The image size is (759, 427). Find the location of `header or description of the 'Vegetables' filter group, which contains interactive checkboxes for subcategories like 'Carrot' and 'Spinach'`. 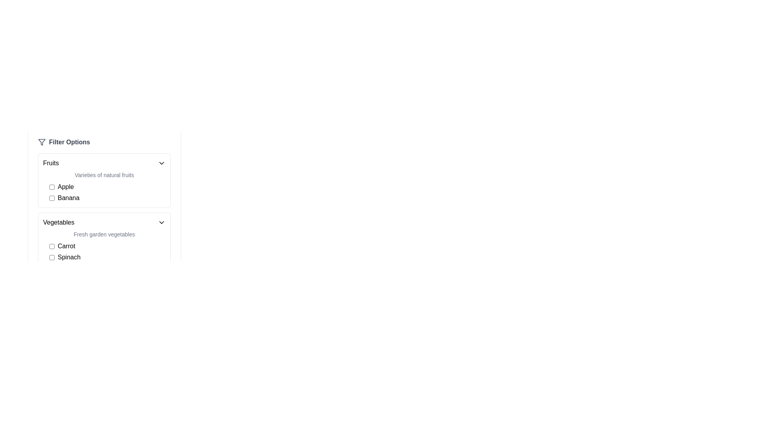

header or description of the 'Vegetables' filter group, which contains interactive checkboxes for subcategories like 'Carrot' and 'Spinach' is located at coordinates (104, 239).